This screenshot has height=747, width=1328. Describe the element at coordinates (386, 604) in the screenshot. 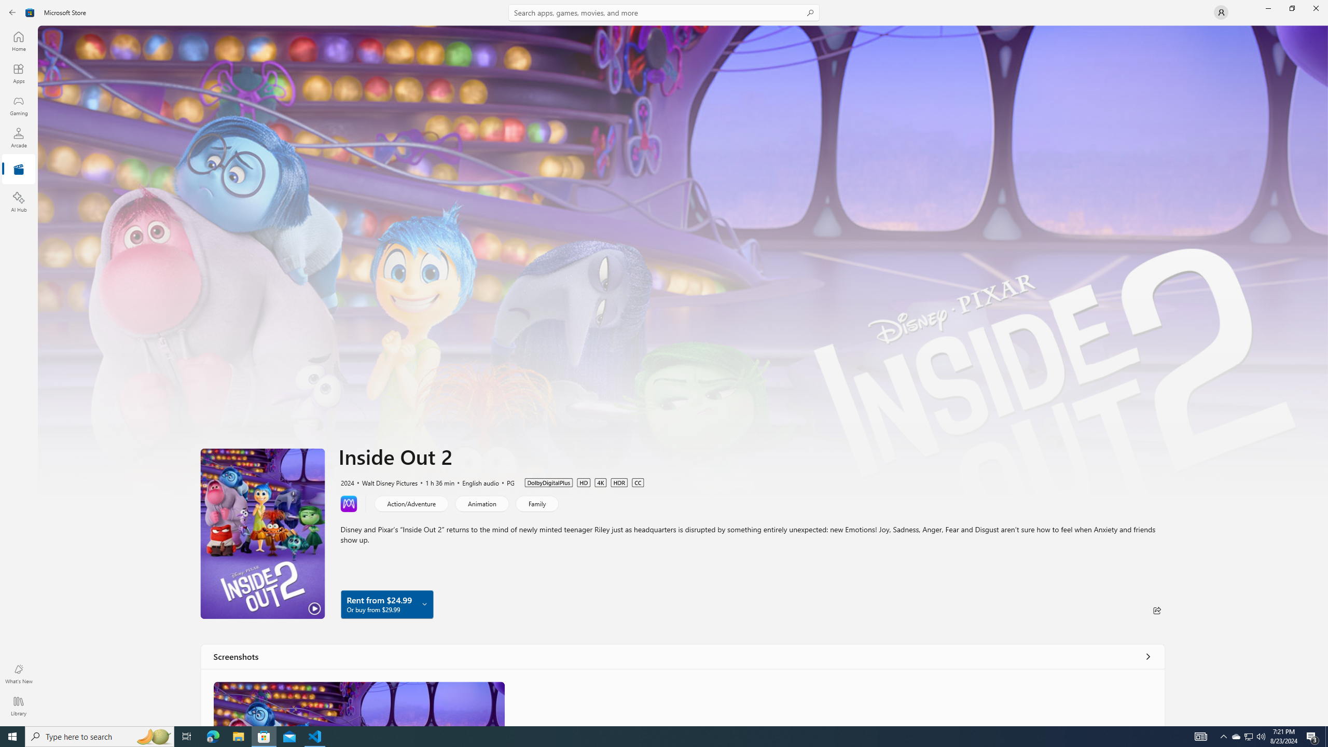

I see `'Rent from $24.99 Or buy from $29.99'` at that location.